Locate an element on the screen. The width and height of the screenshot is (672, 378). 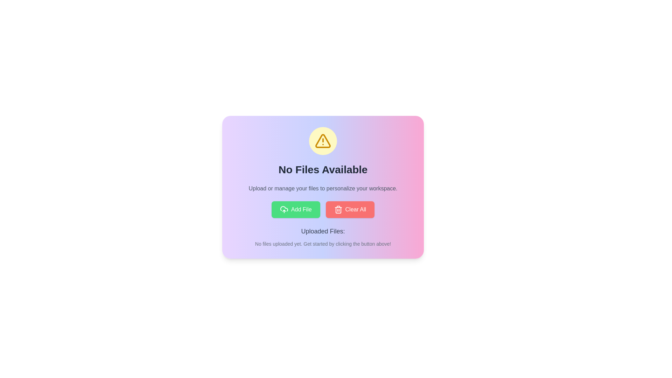
the clear button located on the right side of the interface, which triggers the clearing action is located at coordinates (350, 209).